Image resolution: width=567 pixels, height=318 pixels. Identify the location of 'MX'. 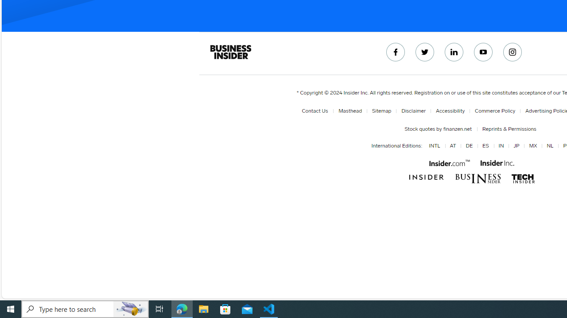
(532, 146).